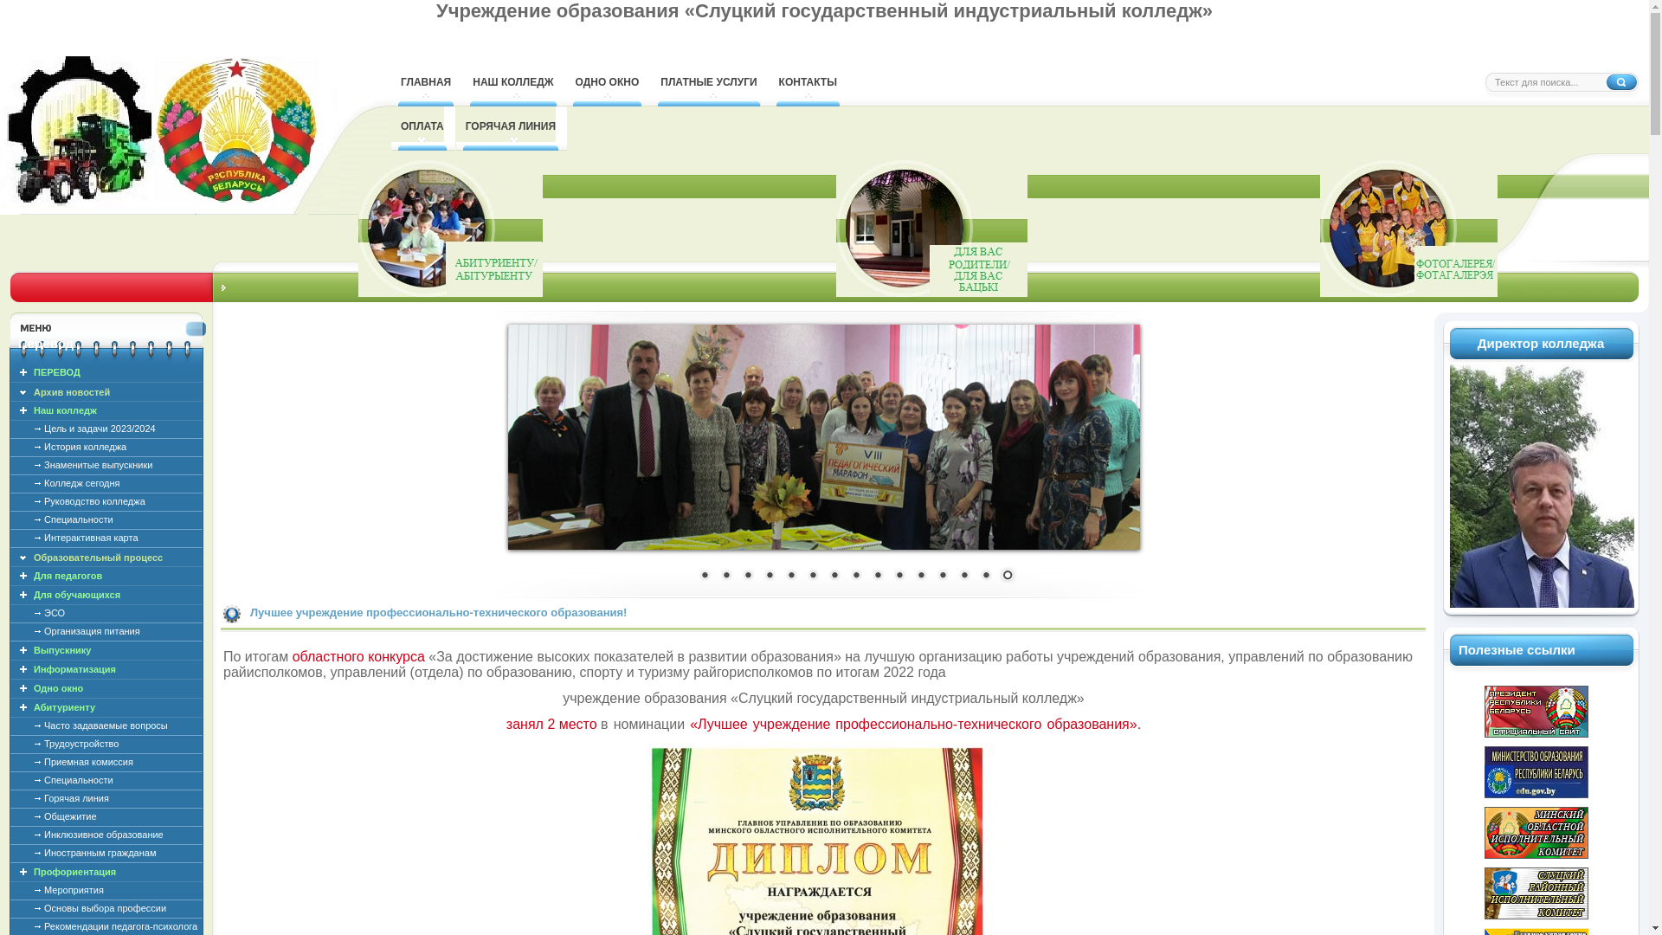 The image size is (1662, 935). I want to click on '6', so click(812, 577).